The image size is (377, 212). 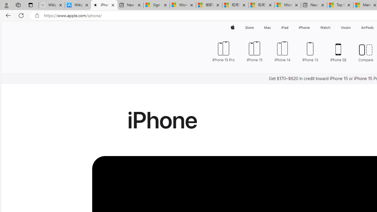 What do you see at coordinates (267, 27) in the screenshot?
I see `'Mac'` at bounding box center [267, 27].